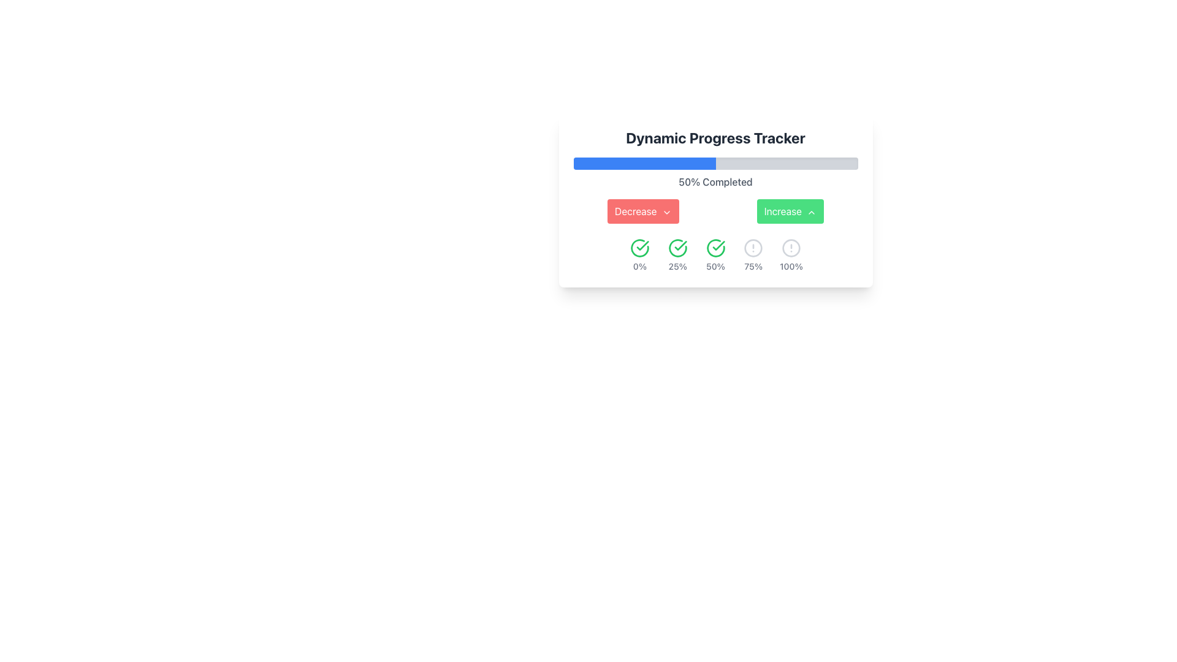 This screenshot has width=1177, height=662. What do you see at coordinates (677, 248) in the screenshot?
I see `the completed stage icon that indicates the 25% achievement in the progress tracker, located on the bottom row under the '25%' label` at bounding box center [677, 248].